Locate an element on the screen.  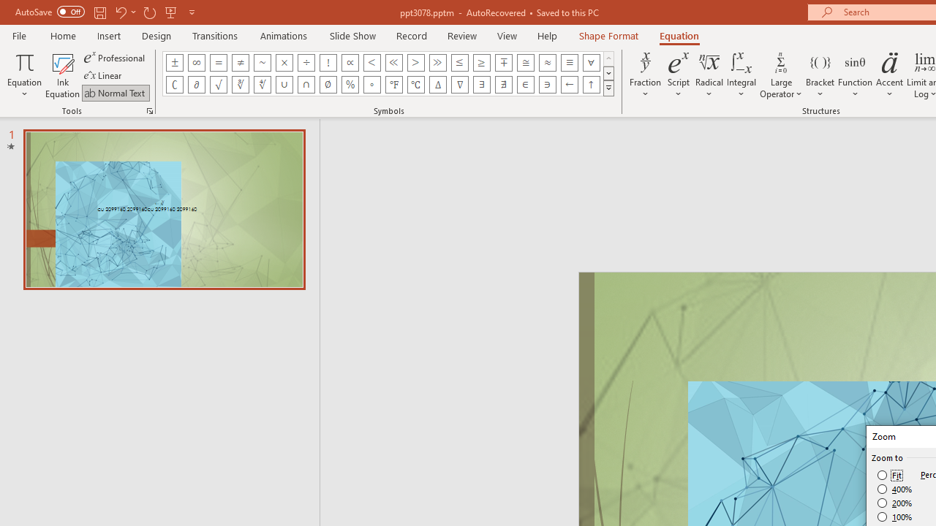
'200%' is located at coordinates (894, 503).